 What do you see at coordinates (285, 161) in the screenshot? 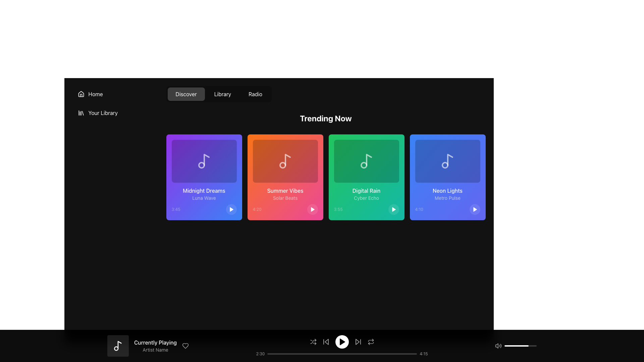
I see `the Decorative card header of the 'Summer Vibes' card, which is the second card in the 'Trending Now' list, located between 'Midnight Dreams' and 'Digital Rain'` at bounding box center [285, 161].